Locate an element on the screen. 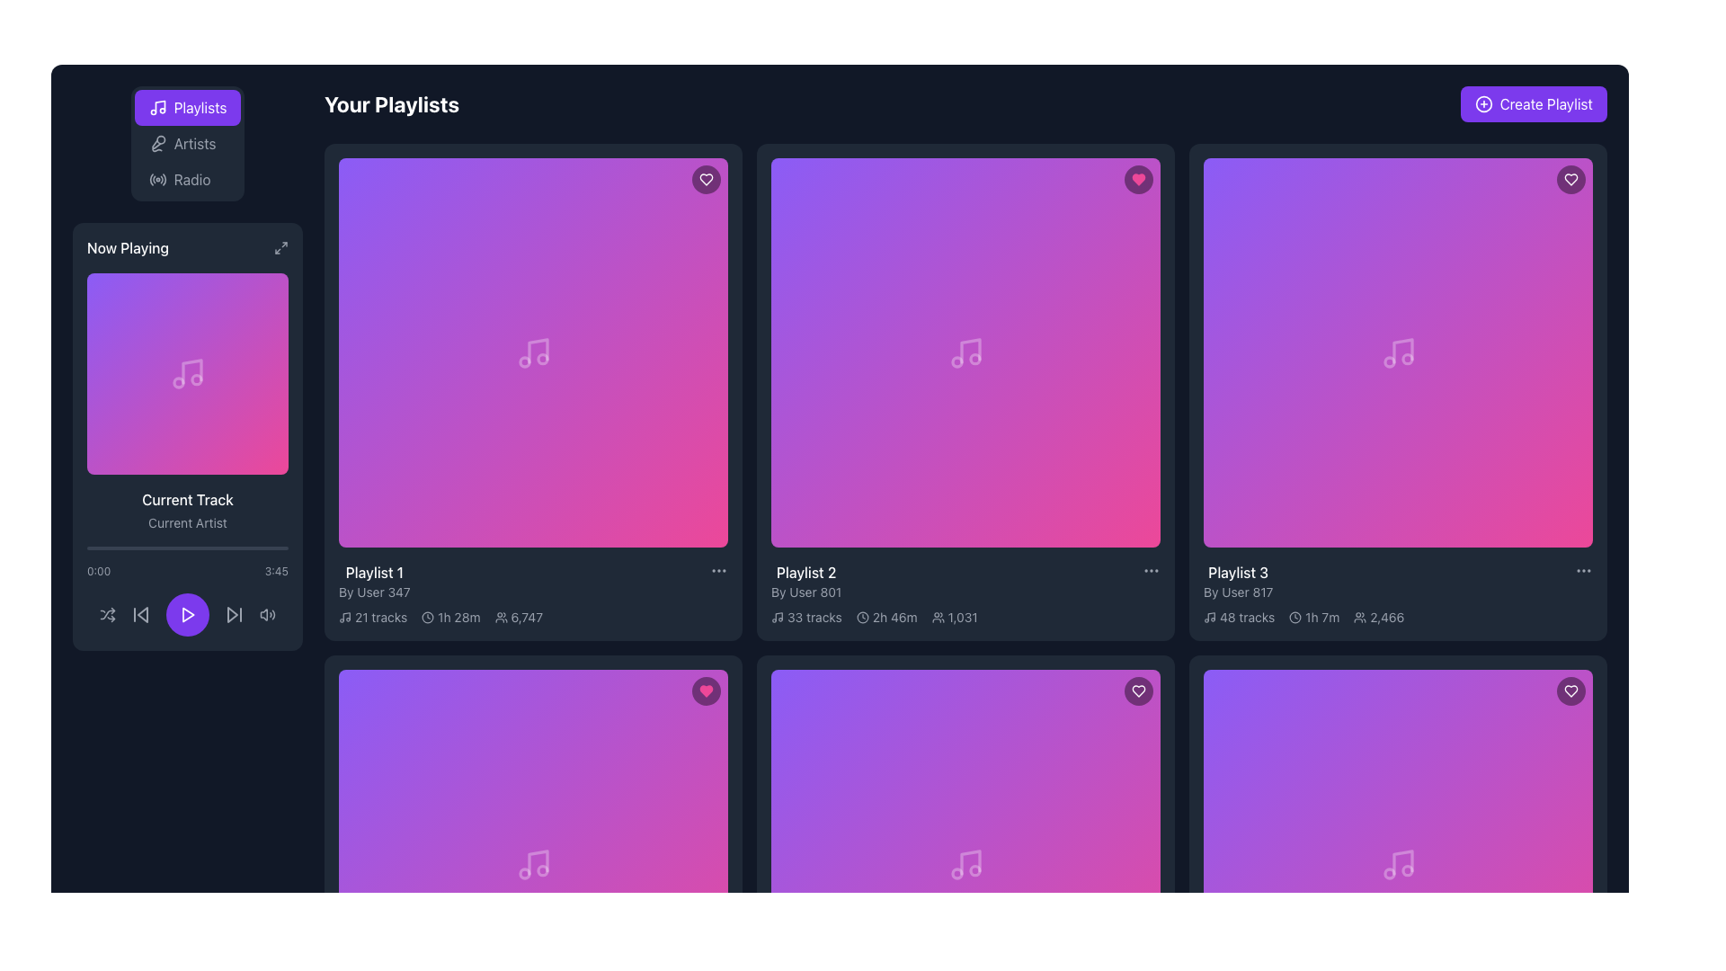 The height and width of the screenshot is (971, 1726). the small circular button with a heart icon located at the top-right corner of the first playlist card to favorite the associated playlist is located at coordinates (706, 180).